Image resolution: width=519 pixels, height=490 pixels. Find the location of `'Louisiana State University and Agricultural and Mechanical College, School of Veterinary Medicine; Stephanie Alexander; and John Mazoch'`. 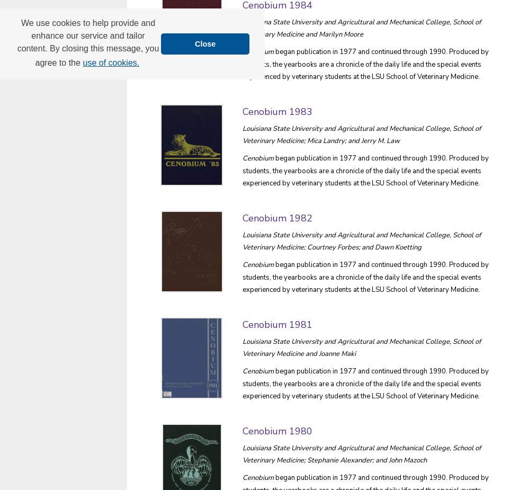

'Louisiana State University and Agricultural and Mechanical College, School of Veterinary Medicine; Stephanie Alexander; and John Mazoch' is located at coordinates (242, 453).